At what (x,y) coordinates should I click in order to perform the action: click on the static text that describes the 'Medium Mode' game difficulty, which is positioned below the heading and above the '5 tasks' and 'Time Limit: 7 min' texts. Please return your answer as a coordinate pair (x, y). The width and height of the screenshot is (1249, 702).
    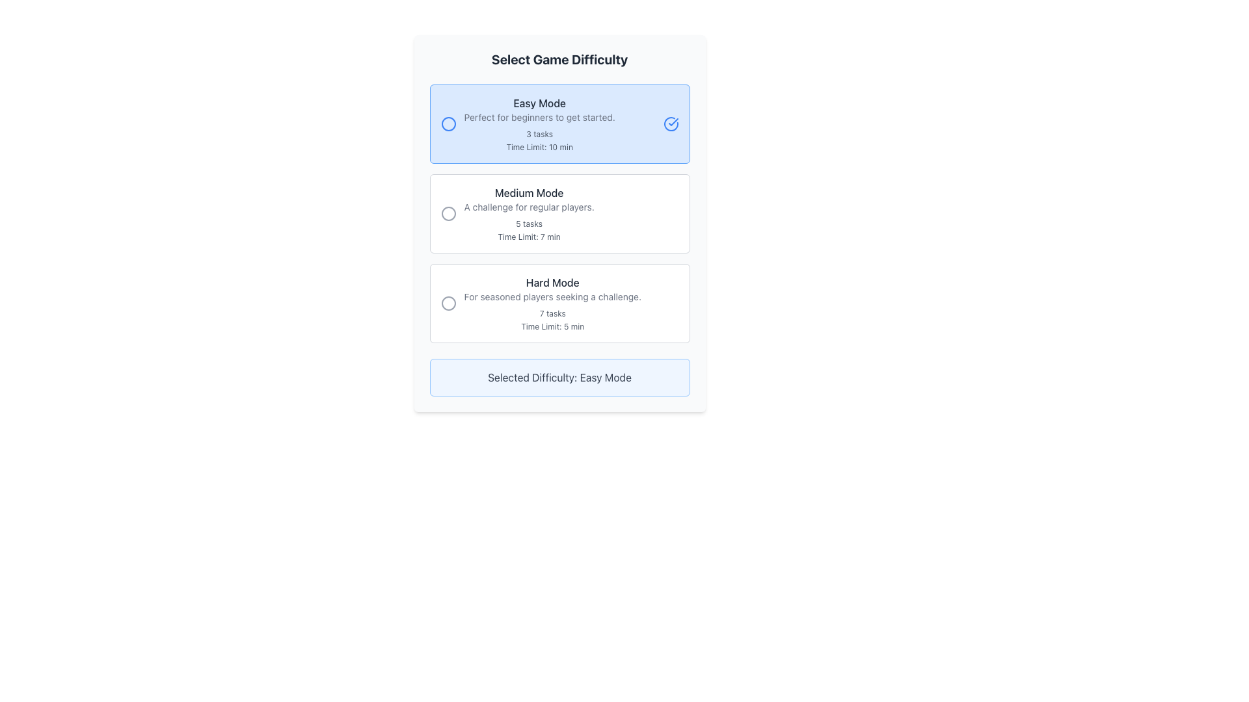
    Looking at the image, I should click on (529, 207).